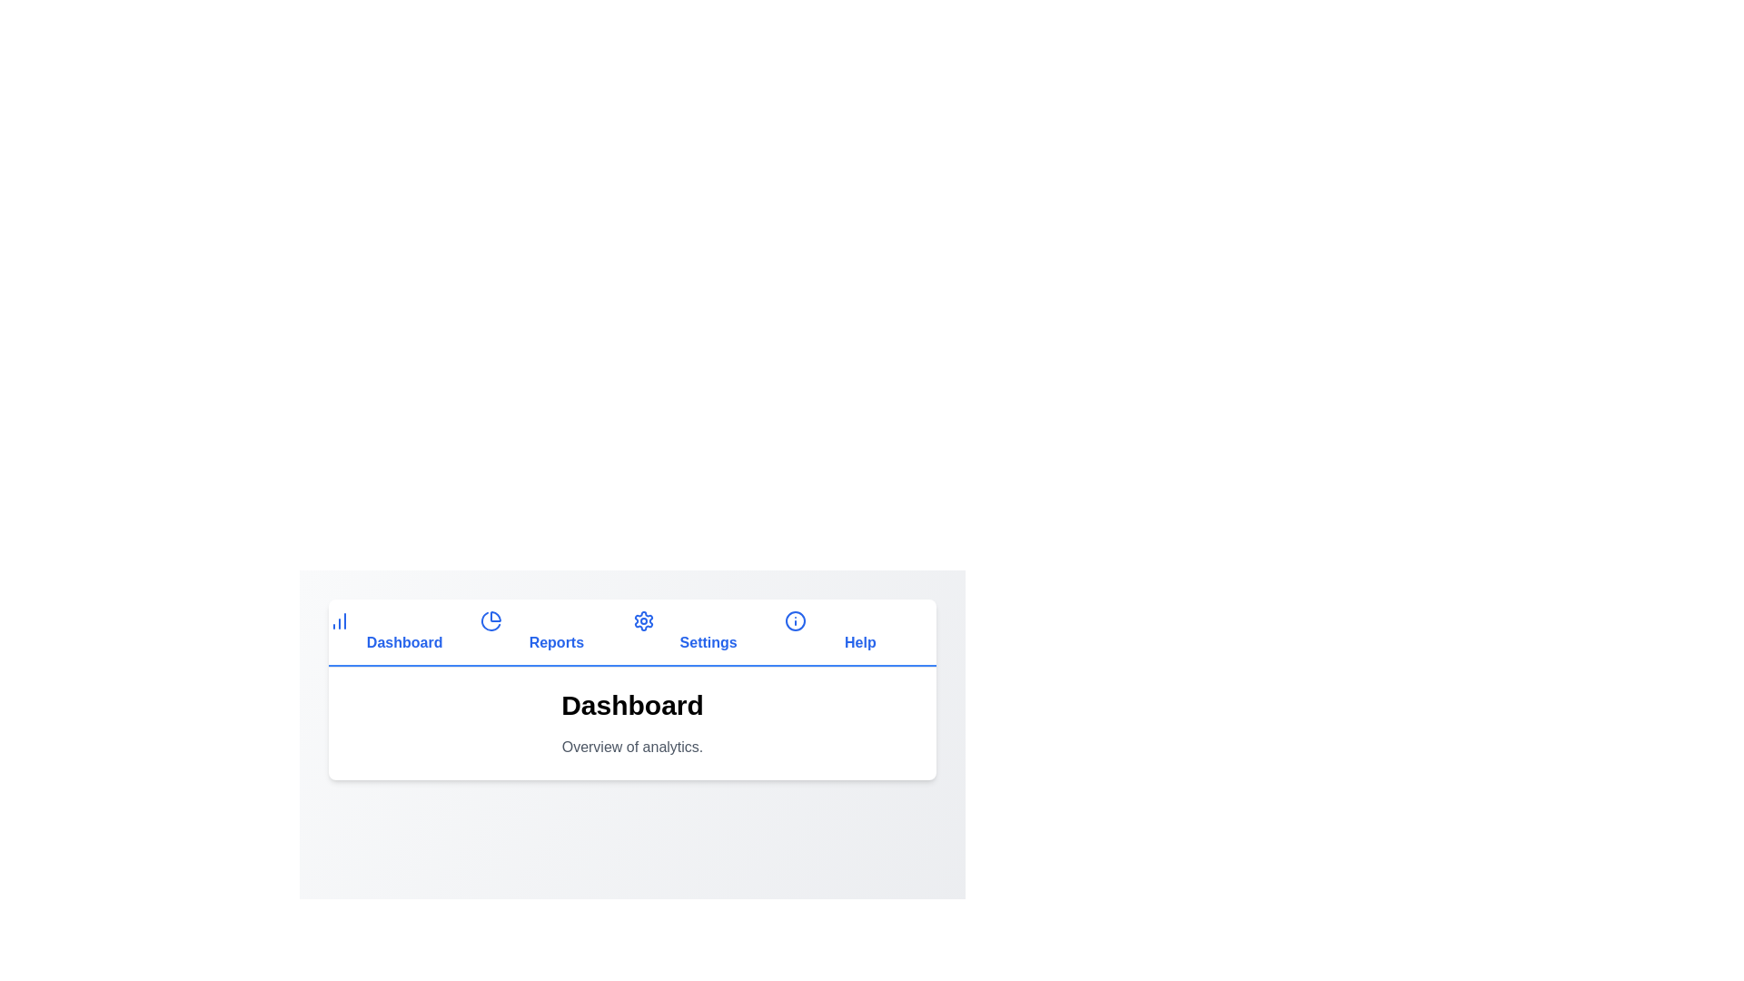 The height and width of the screenshot is (981, 1744). What do you see at coordinates (632, 723) in the screenshot?
I see `the Text block that serves as a title and brief description for the 'Dashboard' section, located centrally in the lower section of a rectangular card beneath the menu bar` at bounding box center [632, 723].